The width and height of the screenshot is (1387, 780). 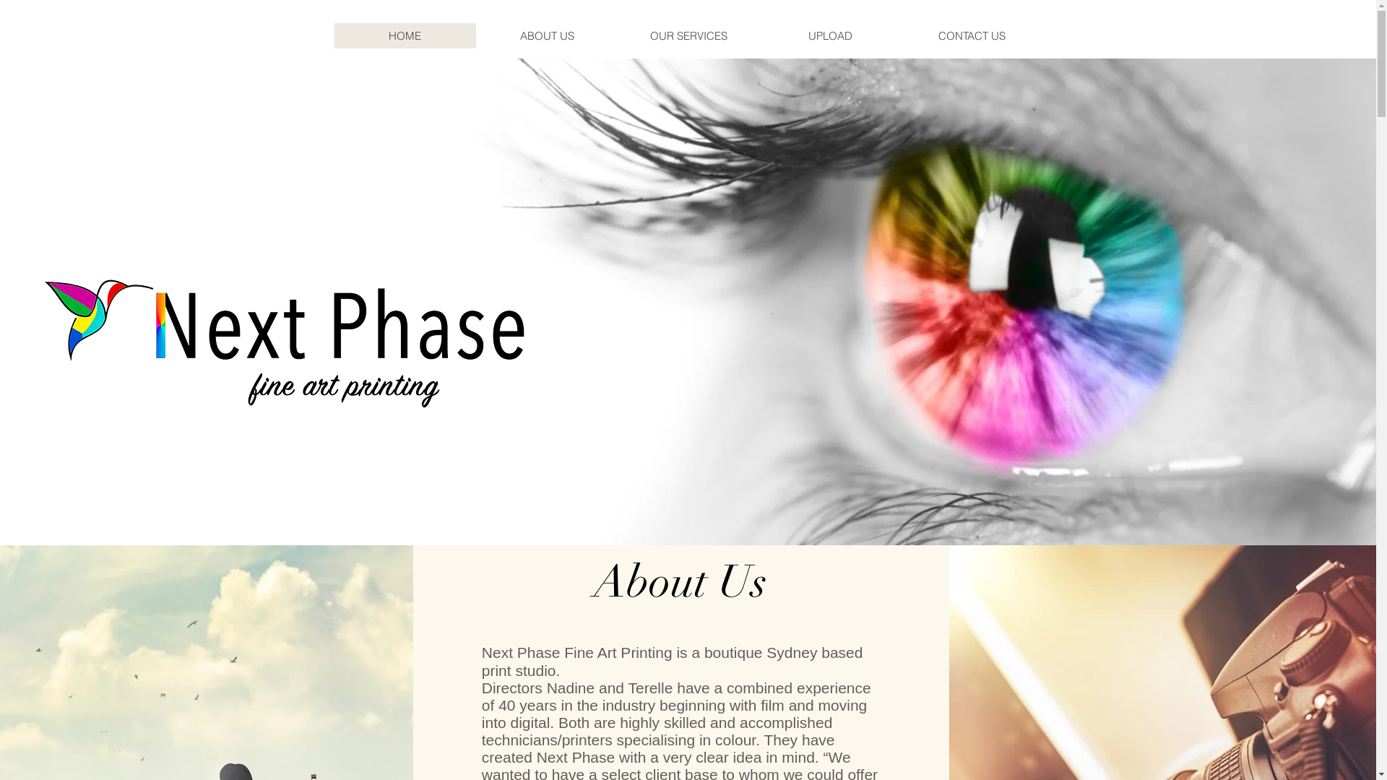 I want to click on 'ABOUT US', so click(x=545, y=35).